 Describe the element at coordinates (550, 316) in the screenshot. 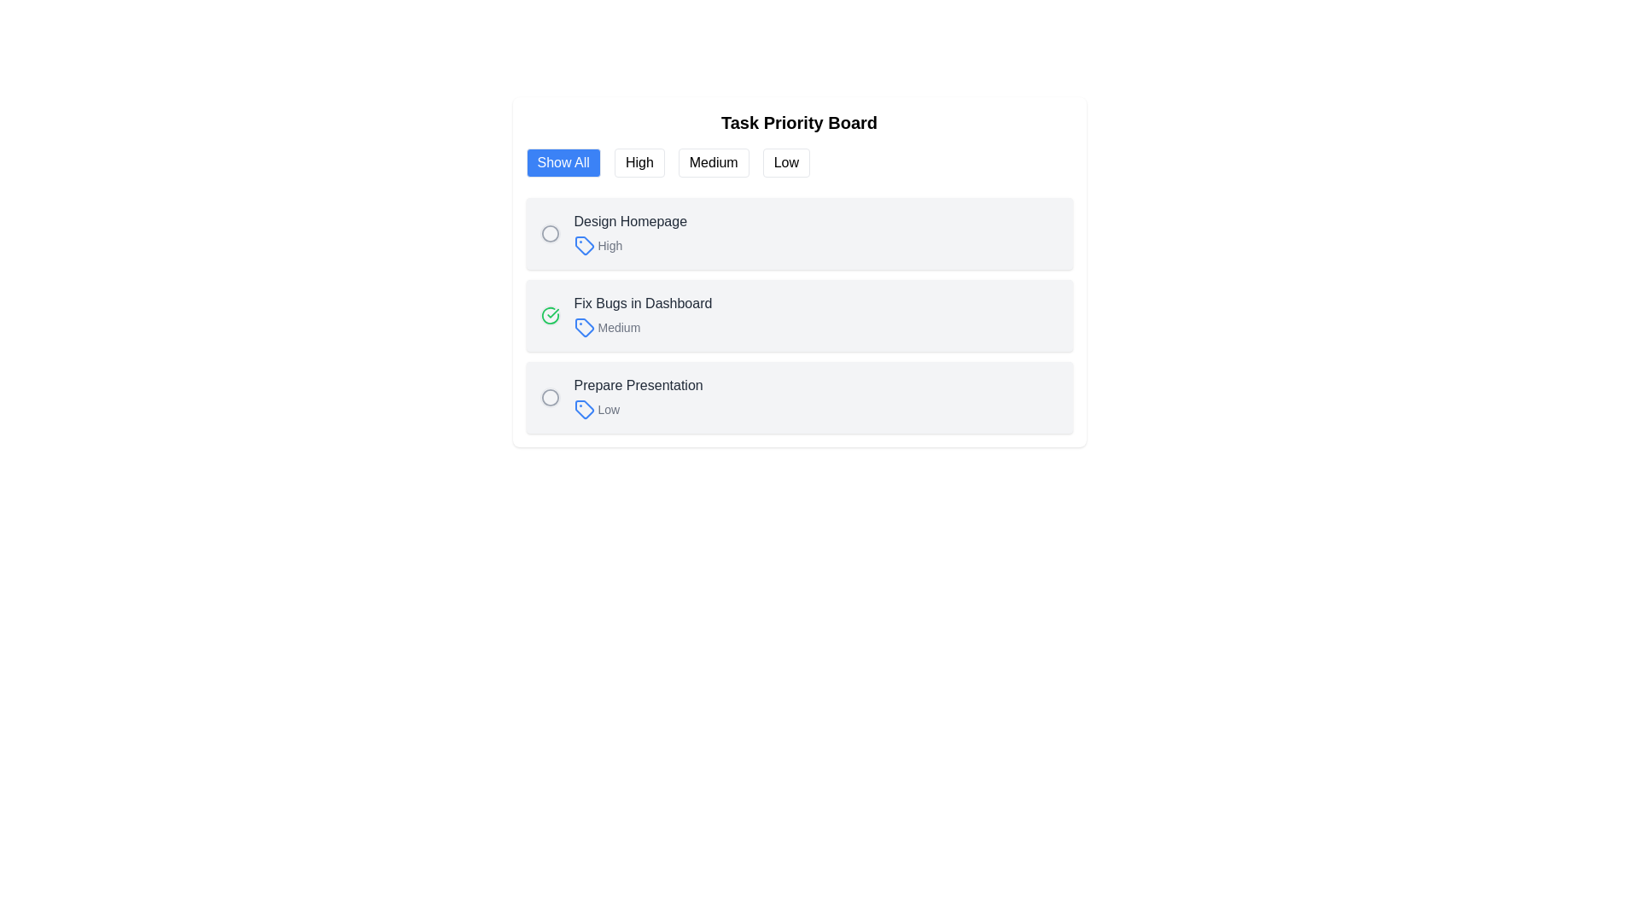

I see `the completion icon located to the left of the text 'Fix Bugs in Dashboard' in the second row of the task priority list` at that location.